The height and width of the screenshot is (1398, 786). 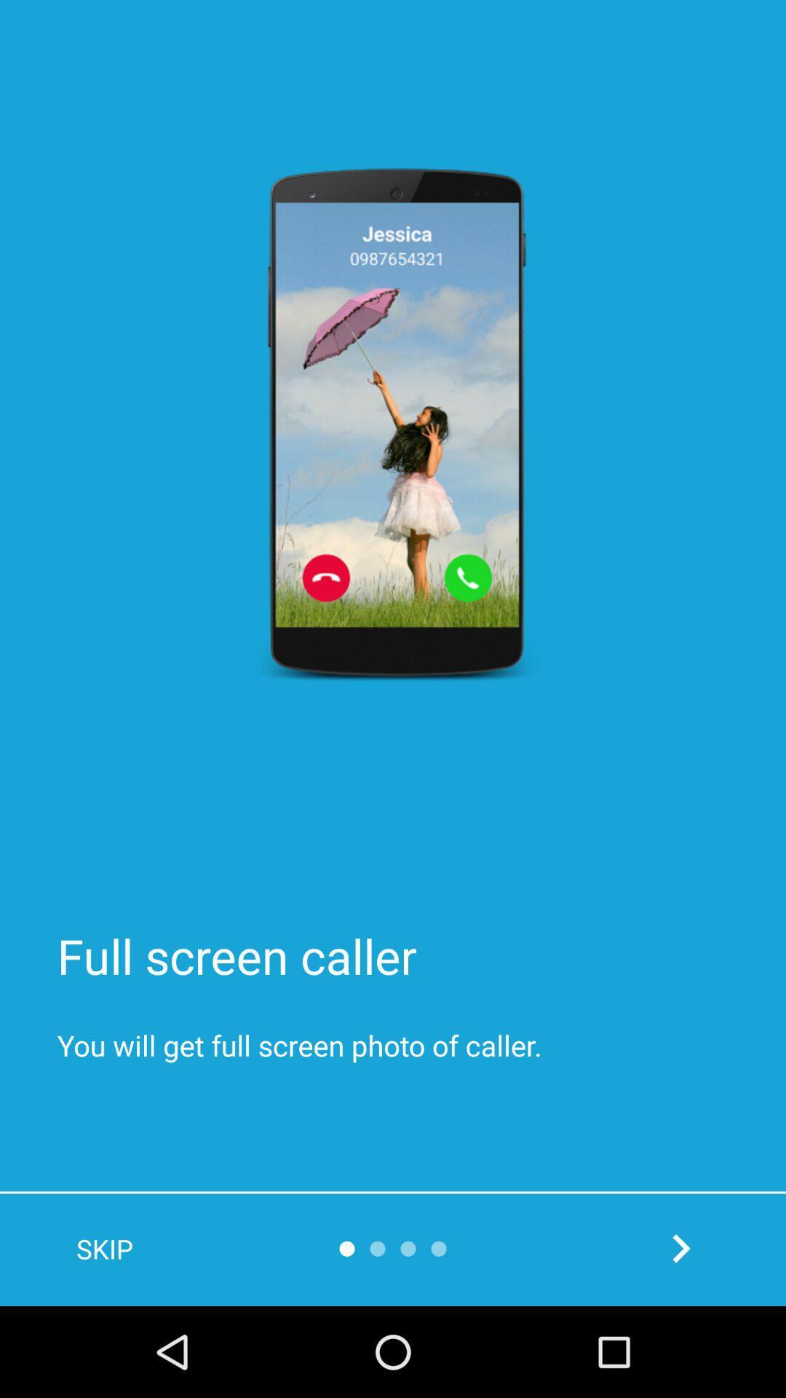 I want to click on next page, so click(x=680, y=1247).